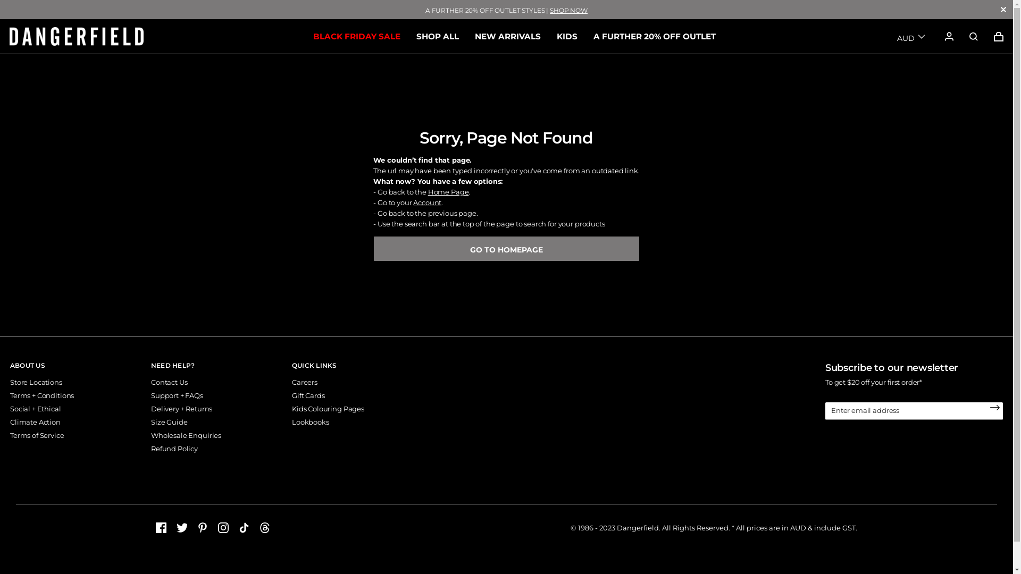 This screenshot has width=1021, height=574. What do you see at coordinates (328, 408) in the screenshot?
I see `'Kids Colouring Pages'` at bounding box center [328, 408].